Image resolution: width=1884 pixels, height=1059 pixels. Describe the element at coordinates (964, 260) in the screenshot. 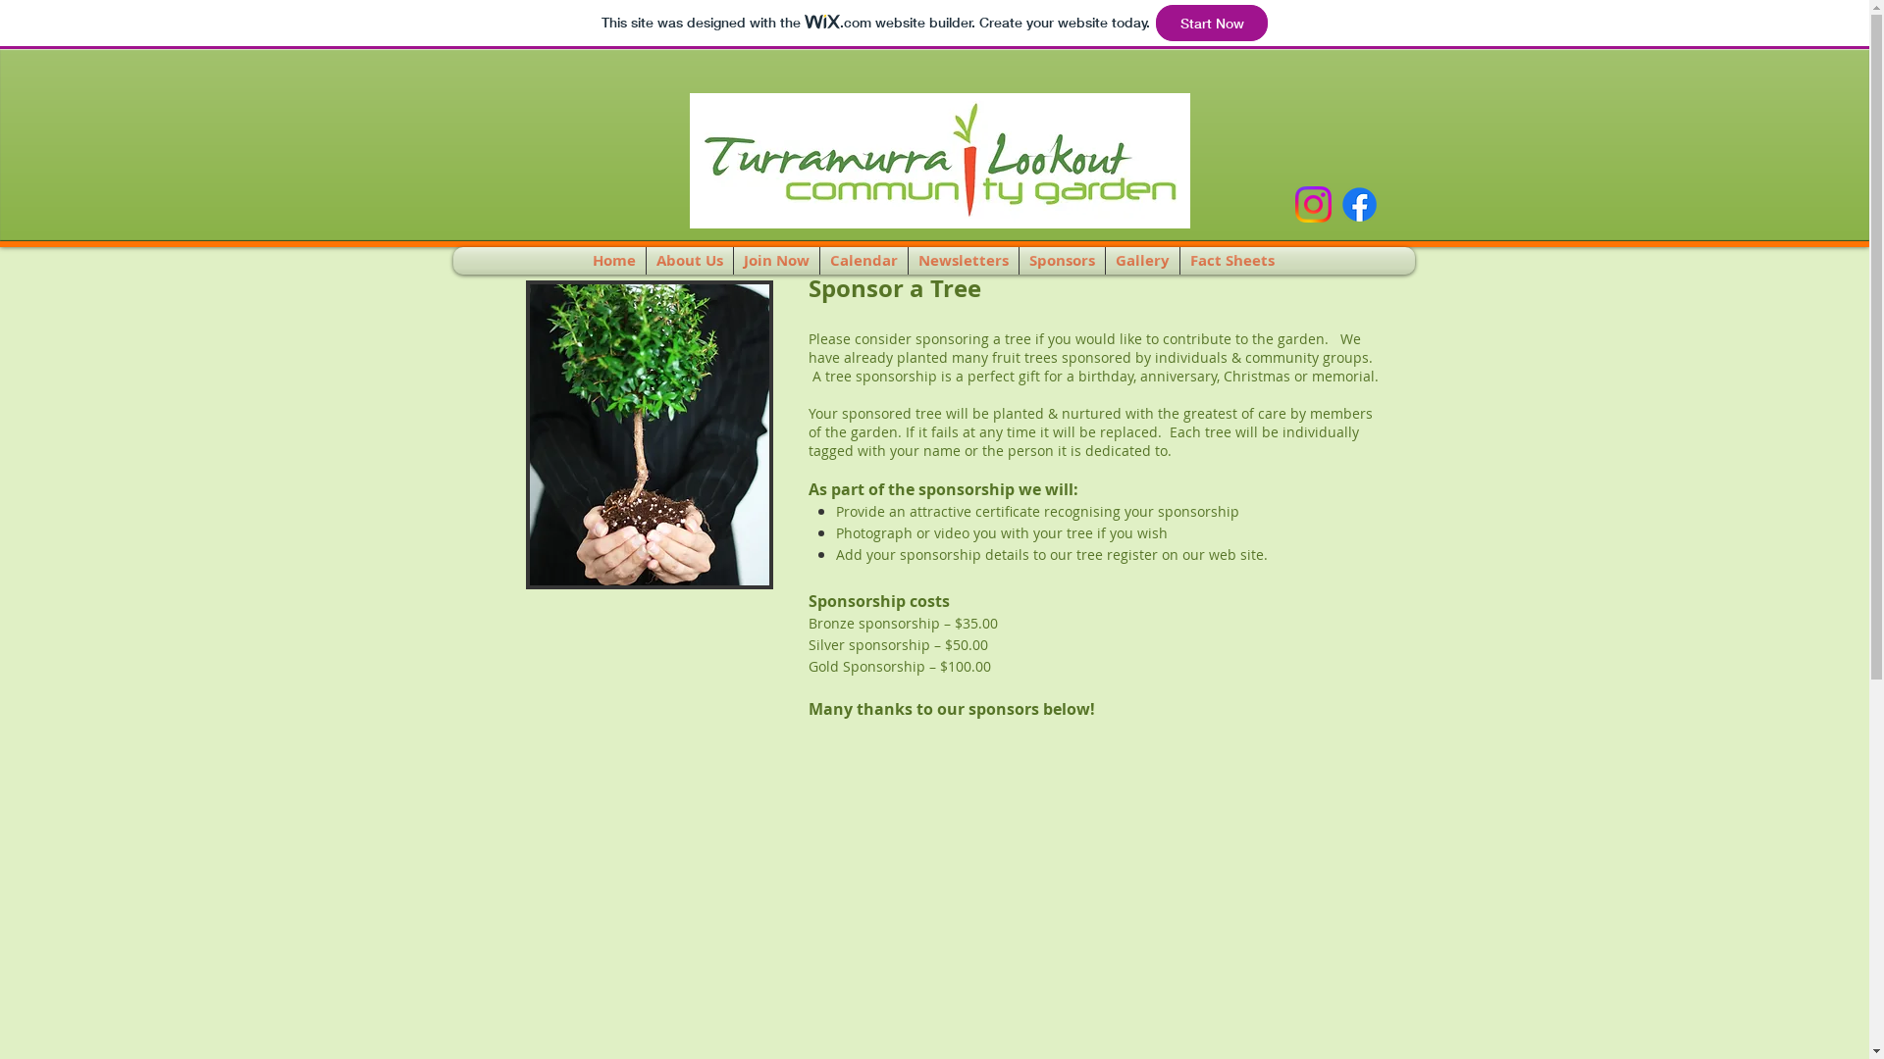

I see `'Newsletters'` at that location.